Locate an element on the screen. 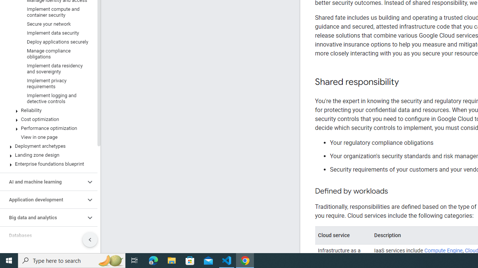  'Copy link to this section: Shared responsibility' is located at coordinates (406, 82).